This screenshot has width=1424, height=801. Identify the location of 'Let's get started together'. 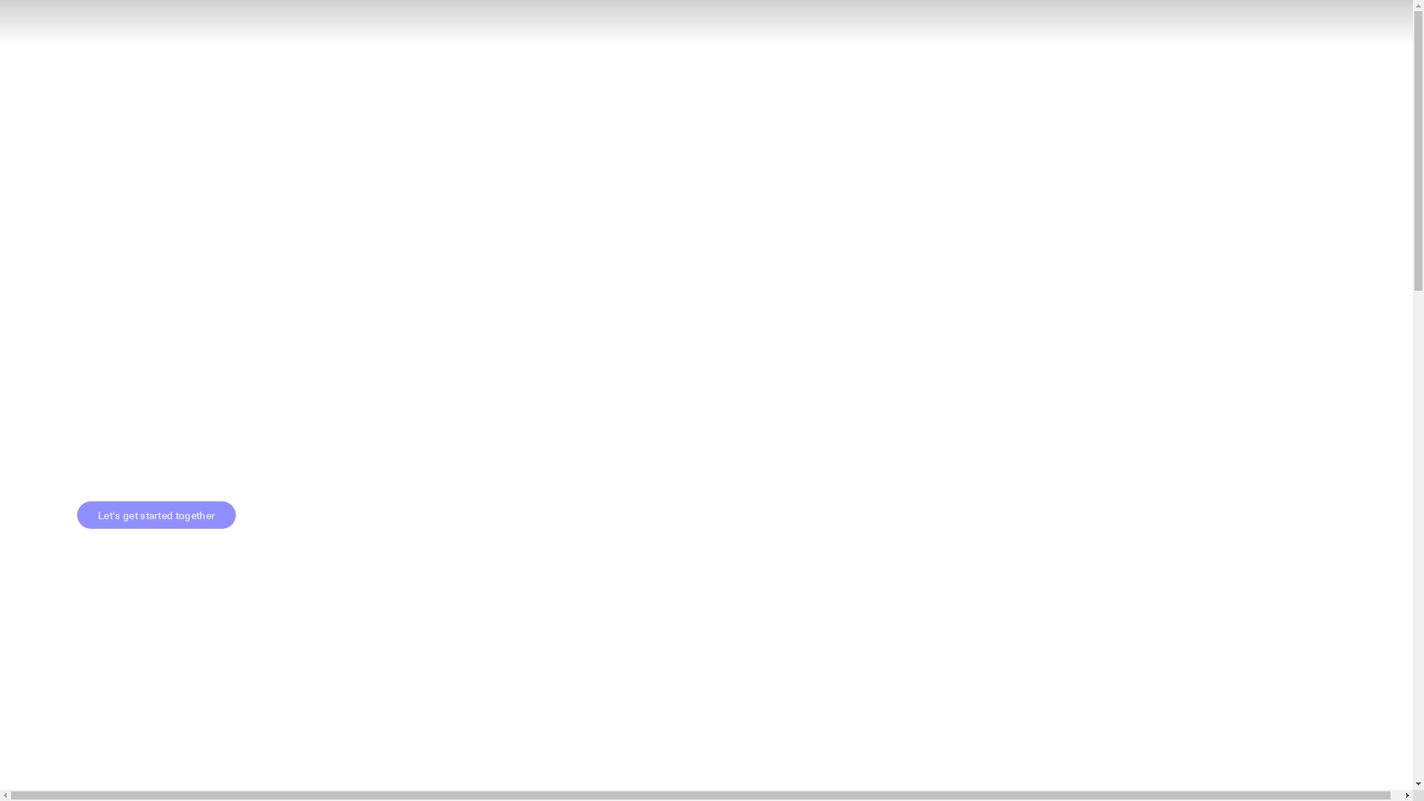
(76, 514).